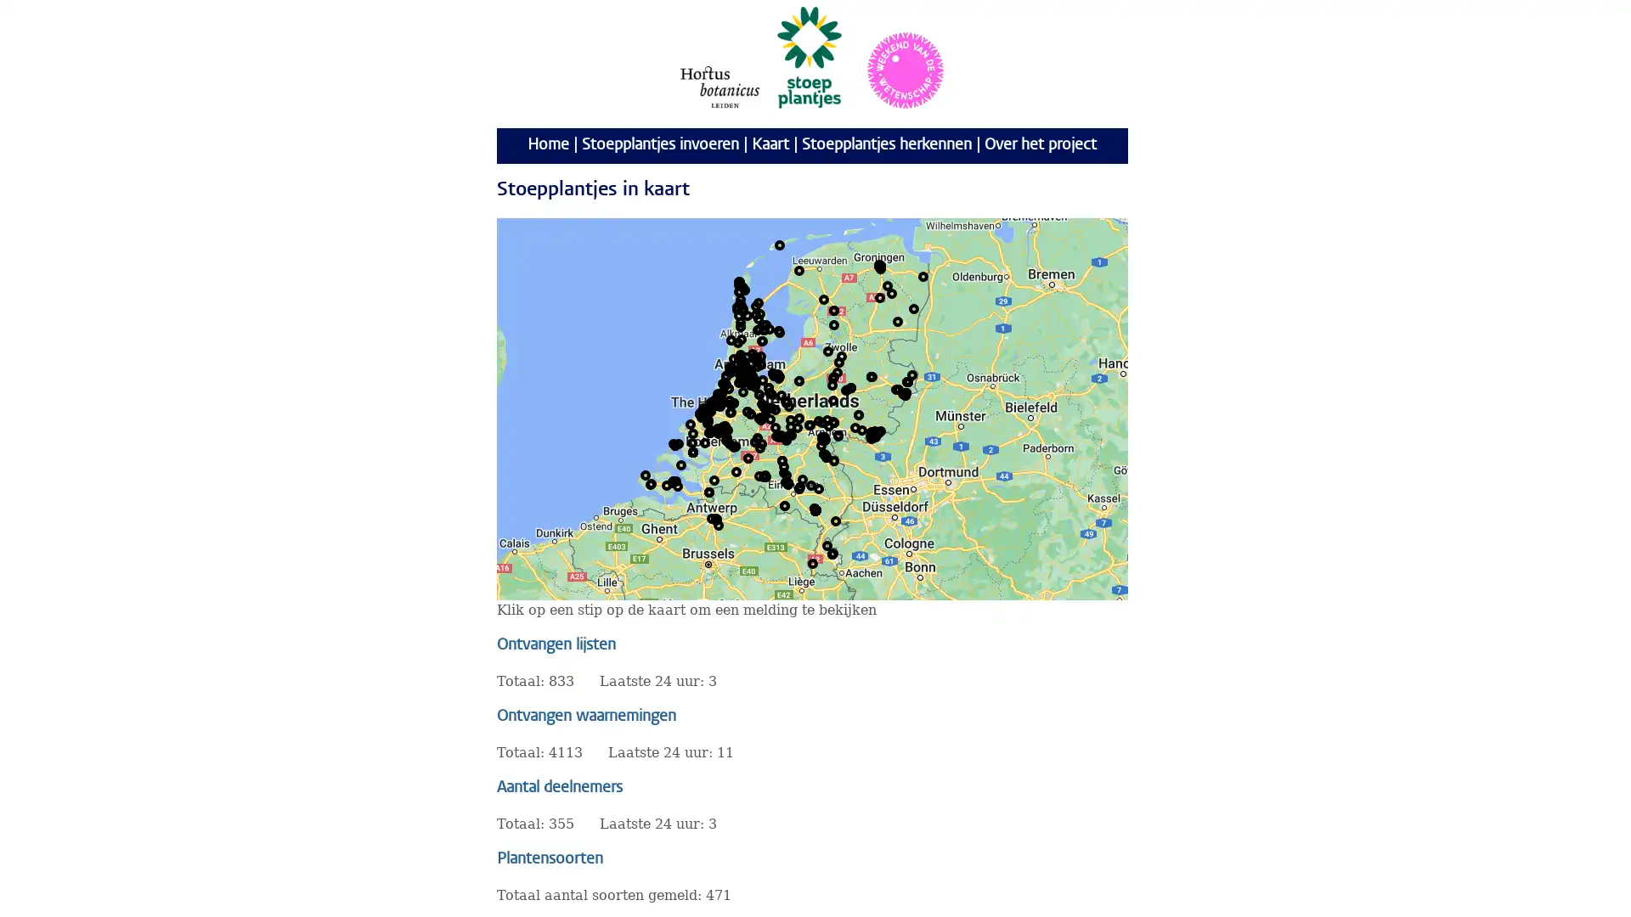 This screenshot has width=1631, height=917. What do you see at coordinates (761, 379) in the screenshot?
I see `Telling van Dorothea op 14 maart 2022` at bounding box center [761, 379].